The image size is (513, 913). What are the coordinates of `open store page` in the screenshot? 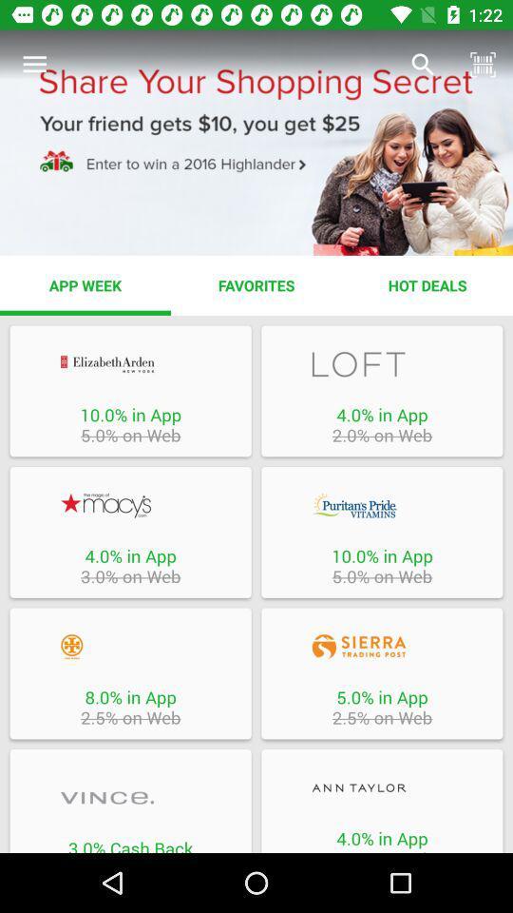 It's located at (129, 363).